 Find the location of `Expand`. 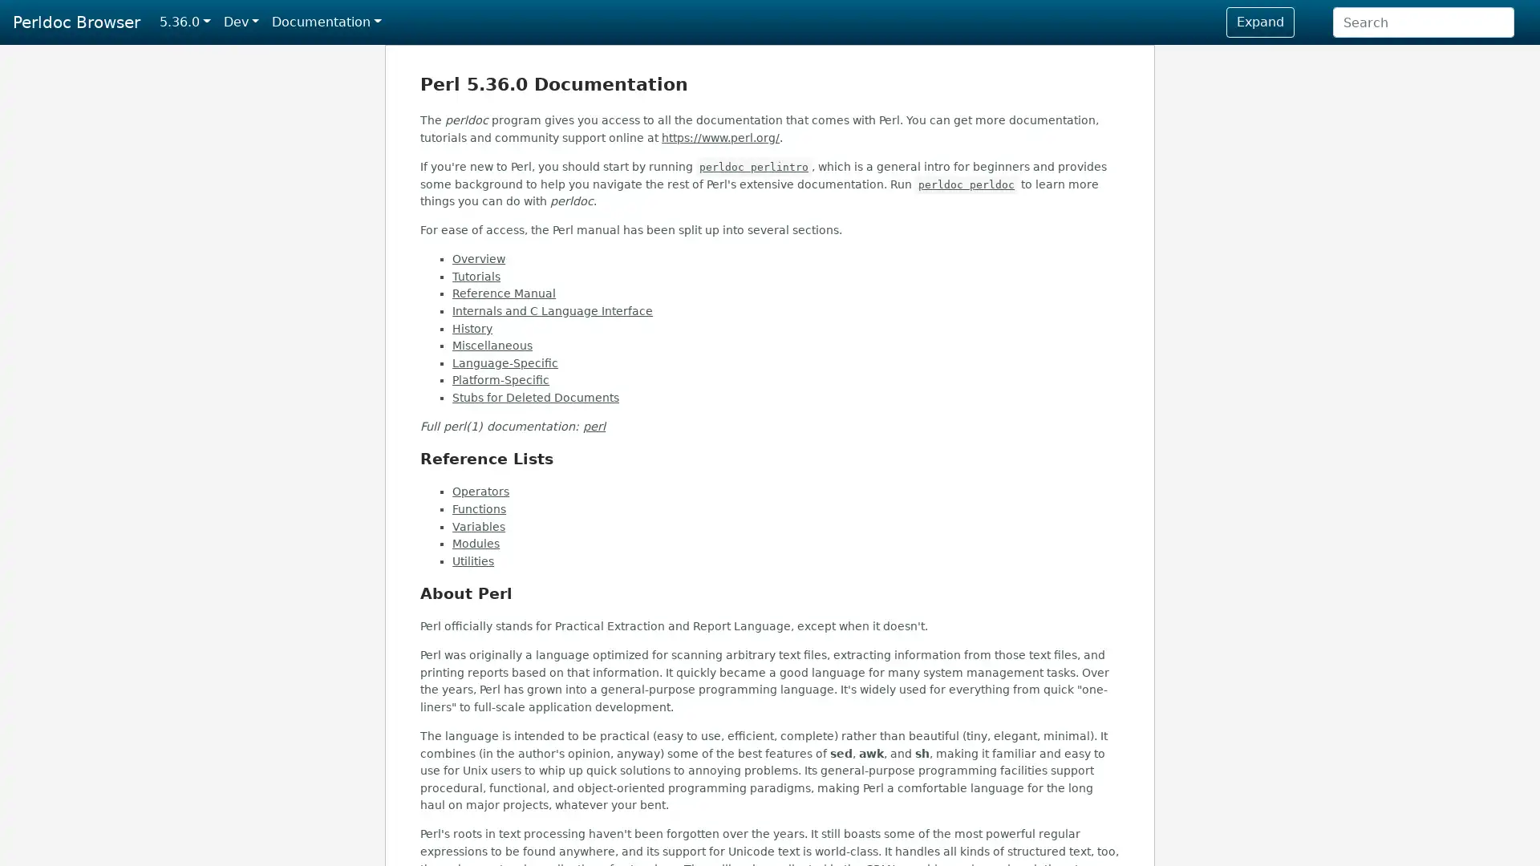

Expand is located at coordinates (1259, 22).